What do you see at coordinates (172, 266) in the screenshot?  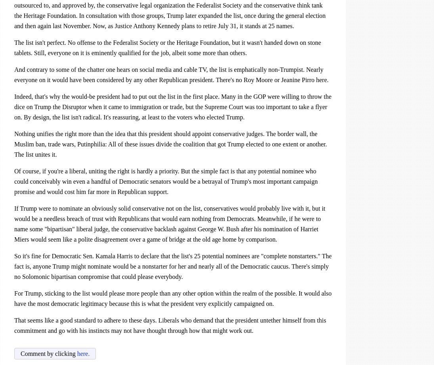 I see `'to declare that the list's 25 potential nominees are "complete nonstarters." The fact is, anyone Trump might nominate would be a nonstarter for her and nearly all of the Democratic caucus. There's simply no Solomonic bipartisan compromise that could please everybody.'` at bounding box center [172, 266].